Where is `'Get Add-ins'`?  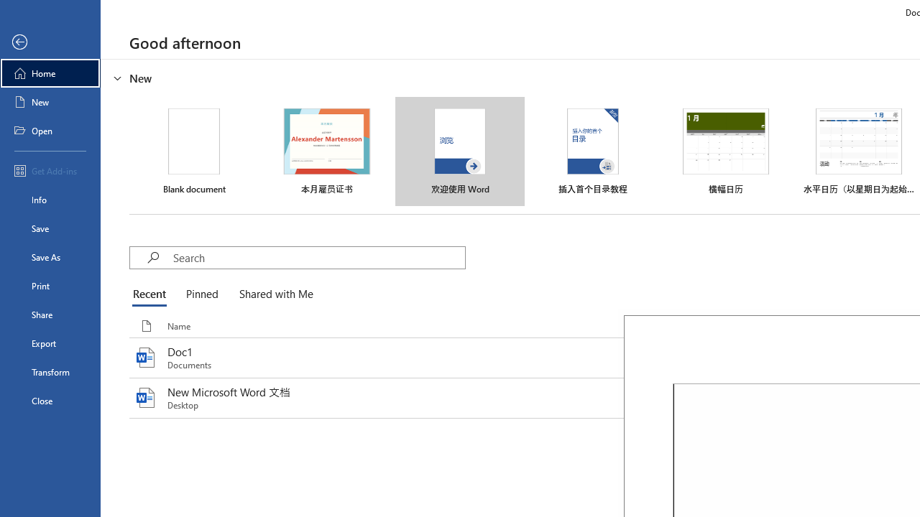
'Get Add-ins' is located at coordinates (50, 169).